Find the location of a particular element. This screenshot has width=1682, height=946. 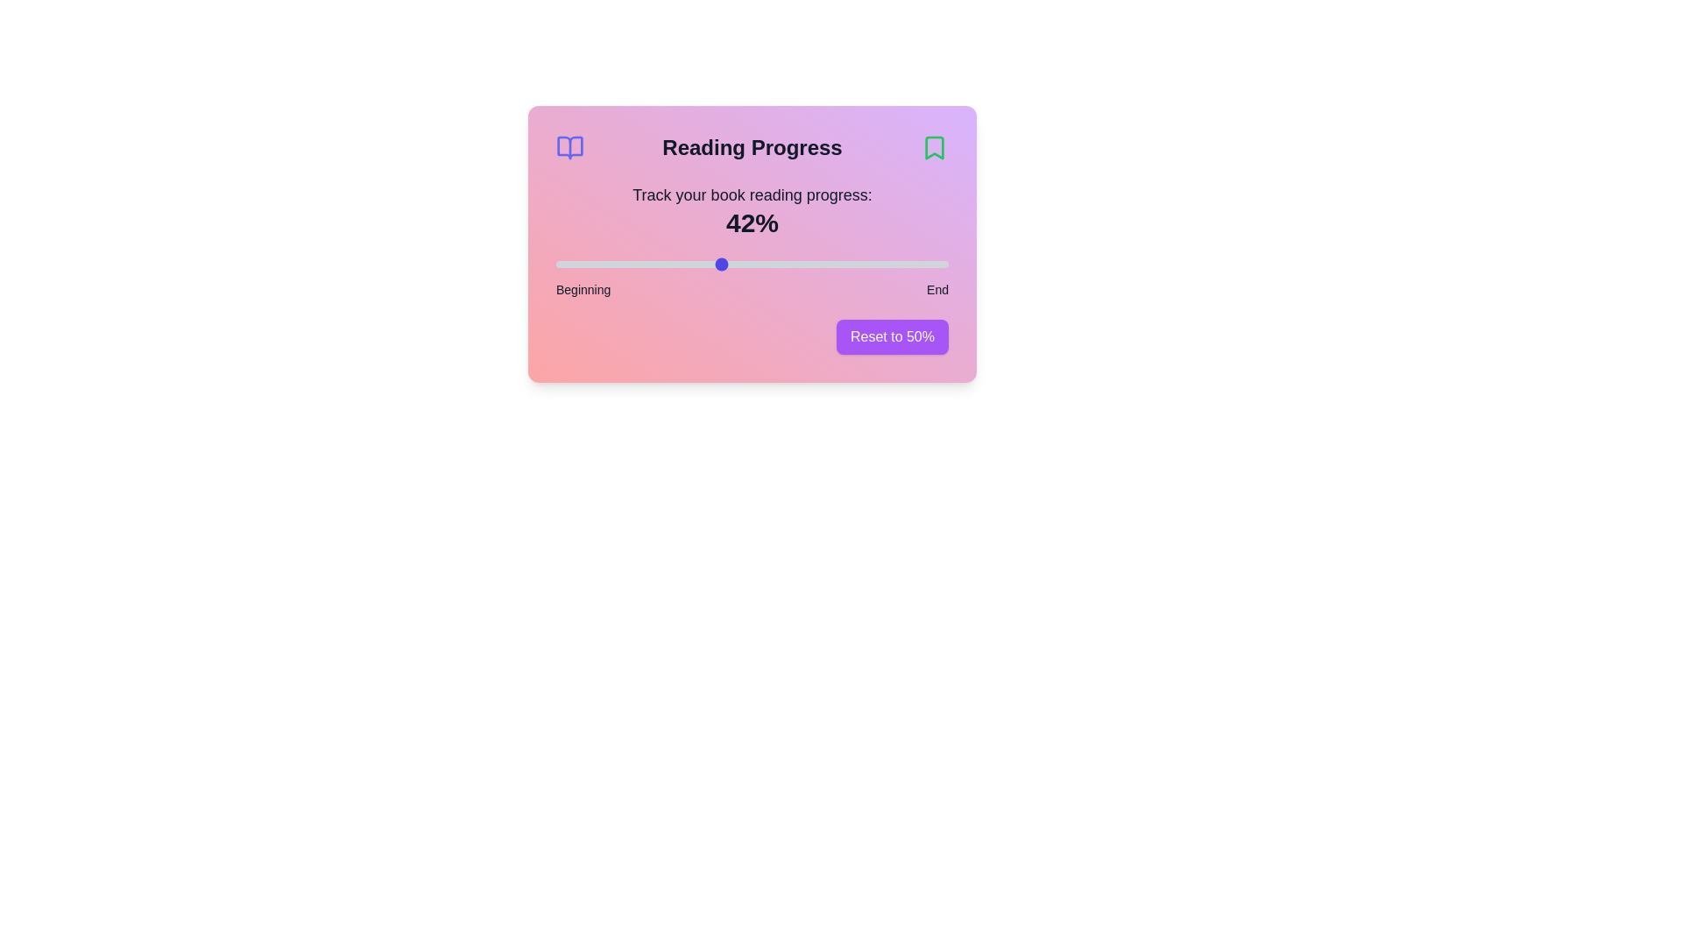

the reading progress slider to 70% is located at coordinates (830, 264).